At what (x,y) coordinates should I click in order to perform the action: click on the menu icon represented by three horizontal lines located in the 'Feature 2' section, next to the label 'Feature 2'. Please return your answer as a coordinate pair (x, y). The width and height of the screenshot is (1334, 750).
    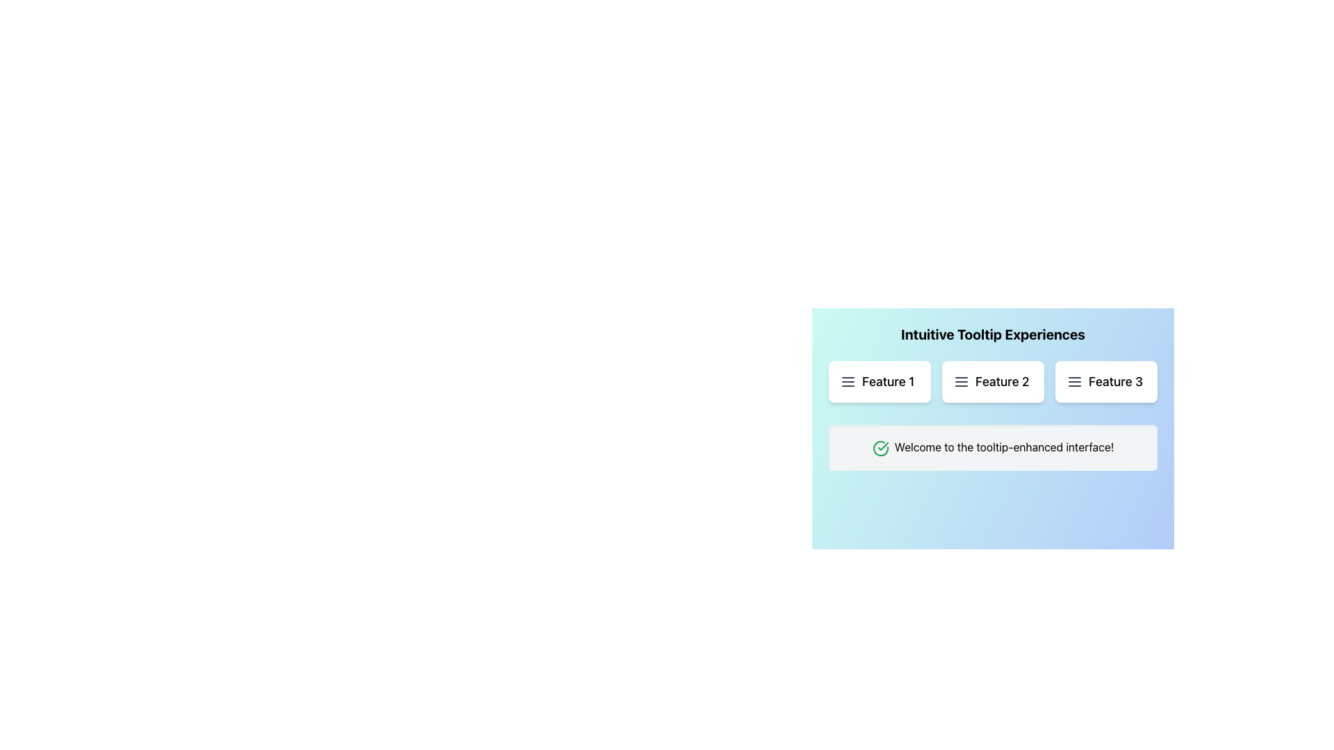
    Looking at the image, I should click on (960, 382).